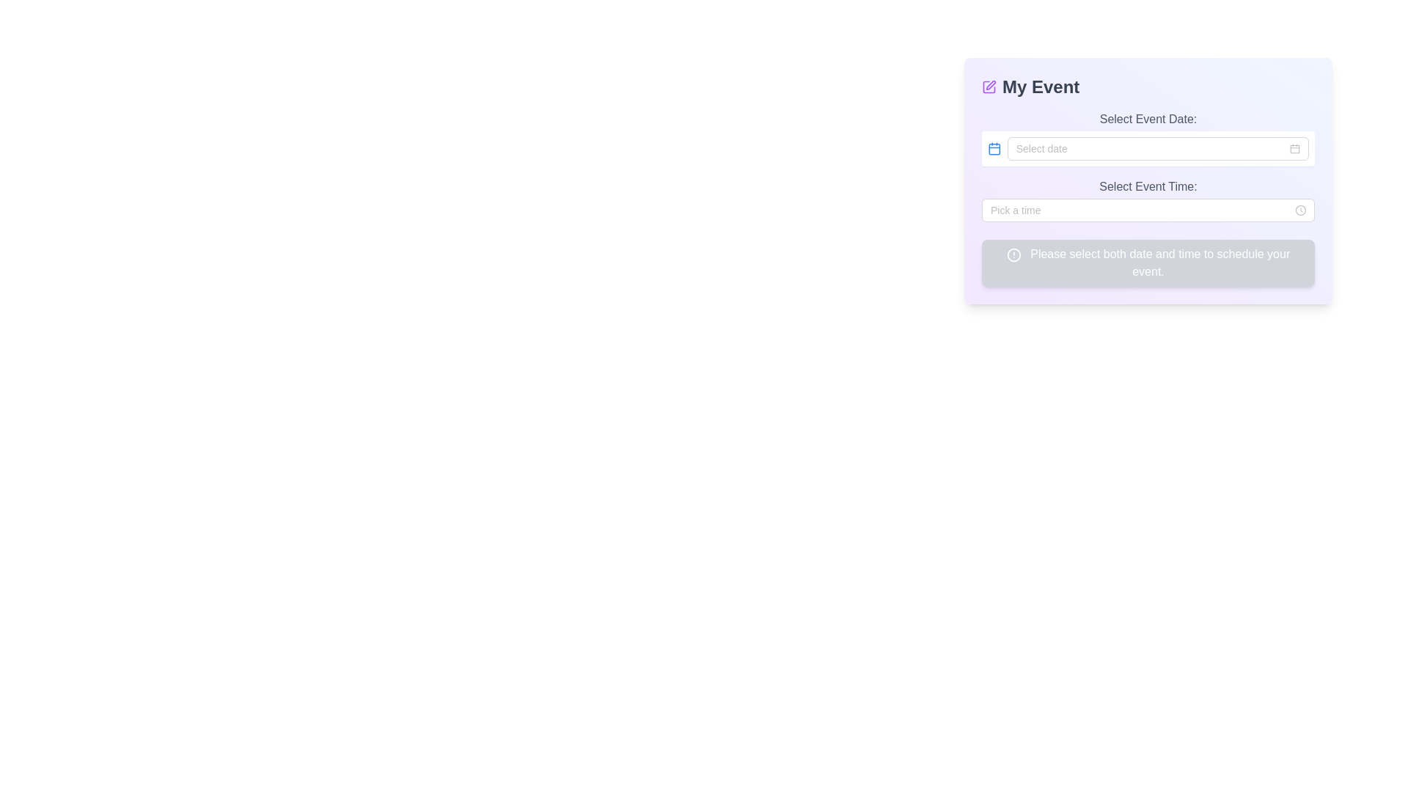 The image size is (1408, 792). I want to click on the label that describes the purpose of the time picker input field, which is centered horizontally in the interface and positioned directly above the time picker input field, so click(1147, 186).